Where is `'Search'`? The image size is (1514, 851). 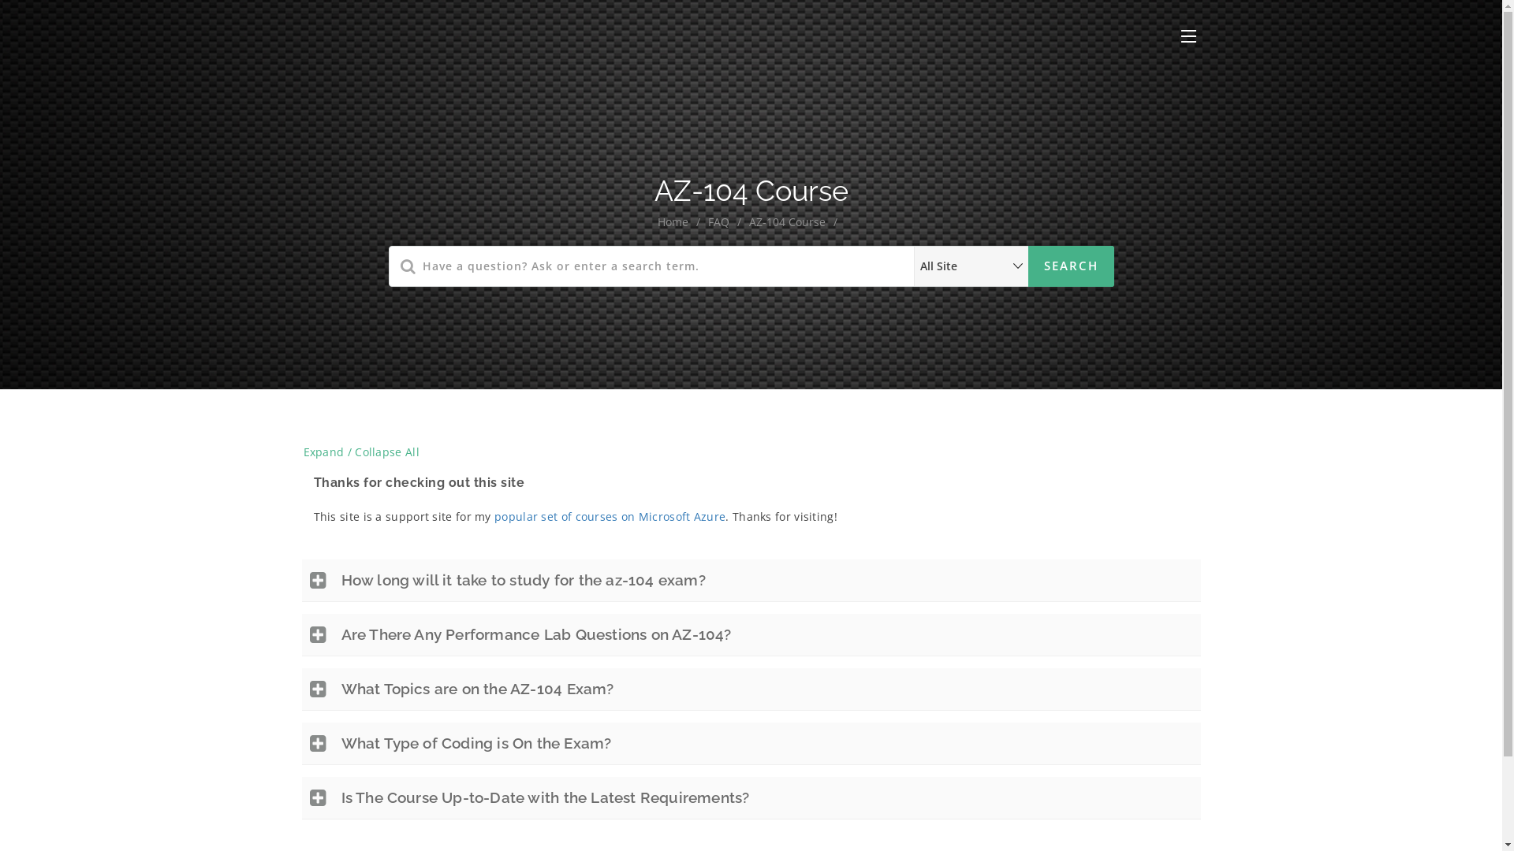 'Search' is located at coordinates (1071, 266).